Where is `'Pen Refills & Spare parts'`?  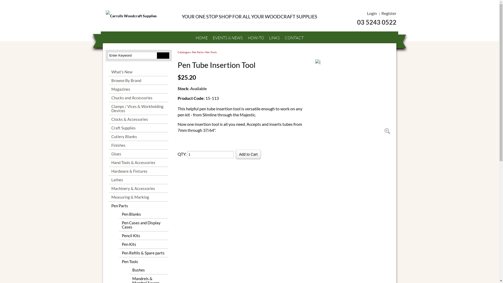
'Pen Refills & Spare parts' is located at coordinates (144, 252).